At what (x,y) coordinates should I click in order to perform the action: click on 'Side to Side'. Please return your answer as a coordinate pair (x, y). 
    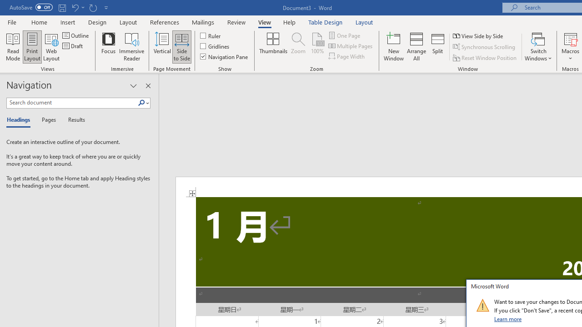
    Looking at the image, I should click on (182, 47).